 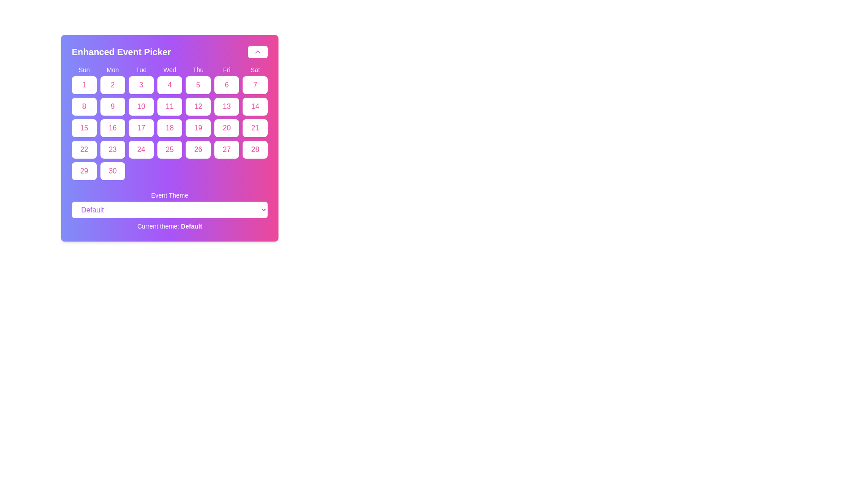 I want to click on the button displaying the number '8' in pink text on a white background, so click(x=84, y=106).